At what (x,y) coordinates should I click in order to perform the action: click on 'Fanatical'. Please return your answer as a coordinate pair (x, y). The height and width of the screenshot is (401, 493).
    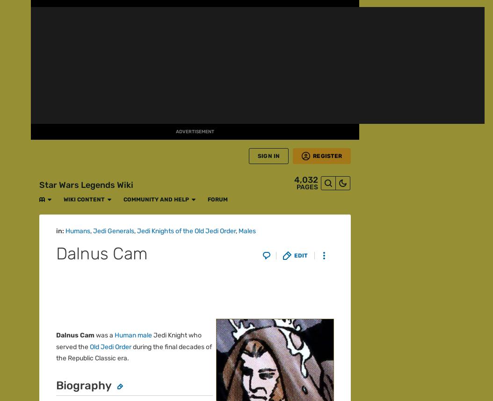
    Looking at the image, I should click on (216, 224).